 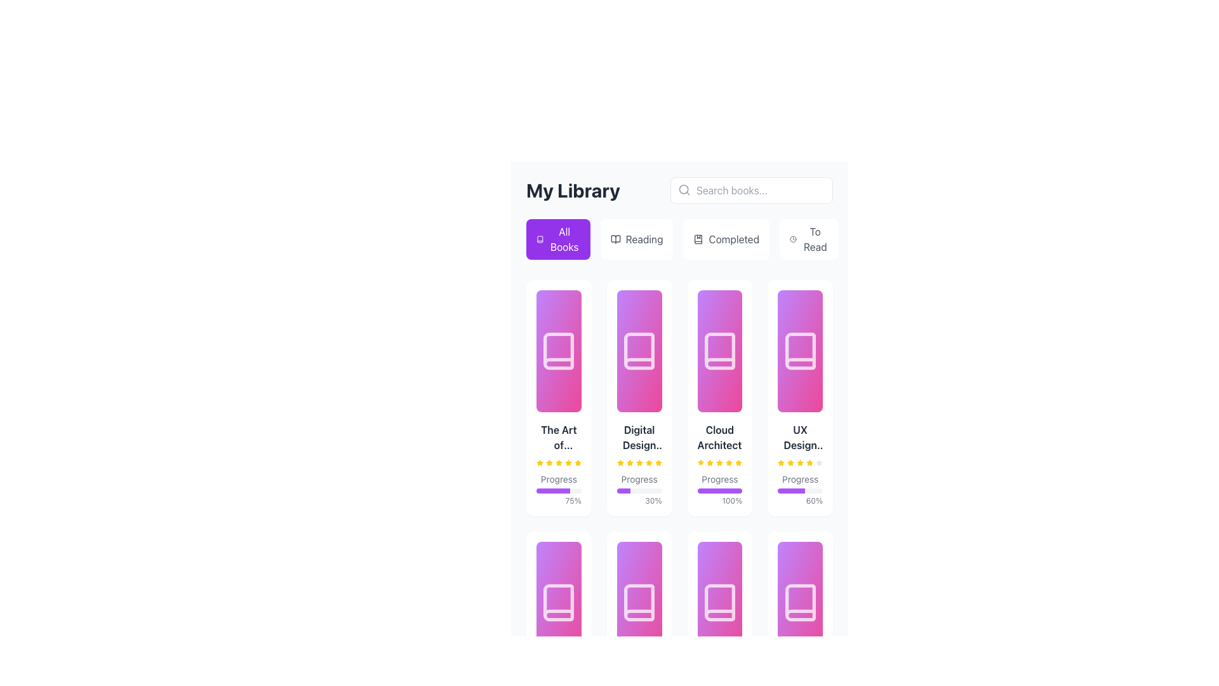 I want to click on the book icon with a simple outline design, located in the second row, first column of the grid layout, so click(x=559, y=602).